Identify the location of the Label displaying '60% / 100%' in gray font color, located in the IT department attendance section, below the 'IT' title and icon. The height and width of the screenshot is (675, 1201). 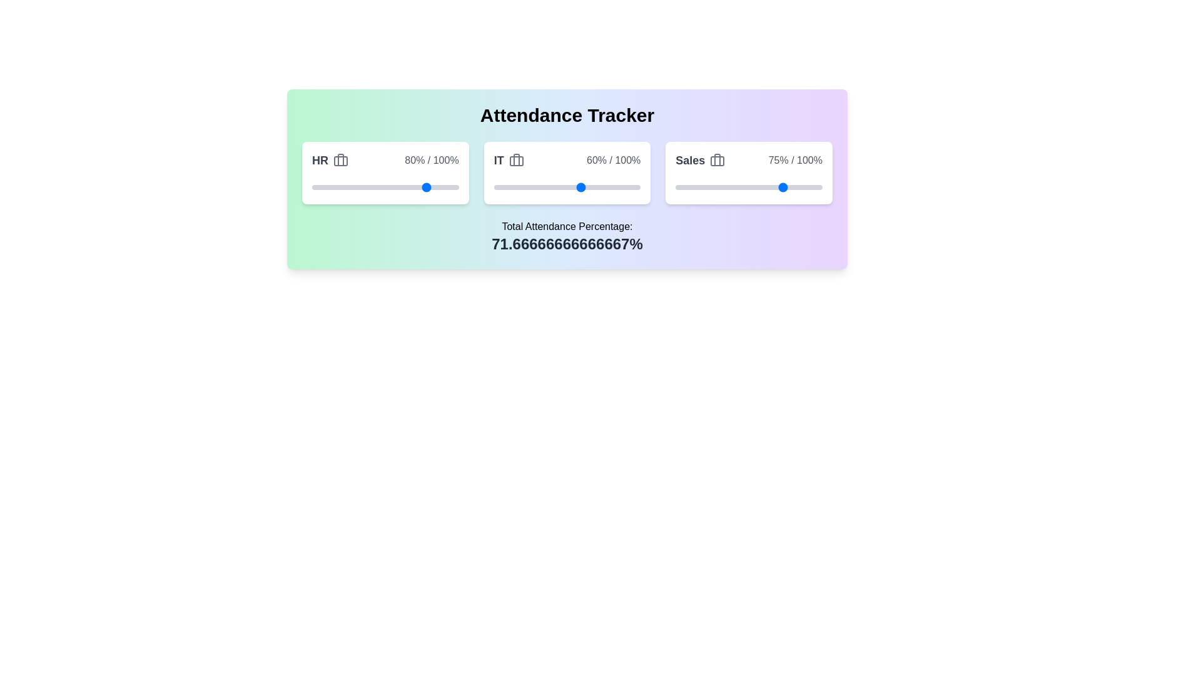
(614, 160).